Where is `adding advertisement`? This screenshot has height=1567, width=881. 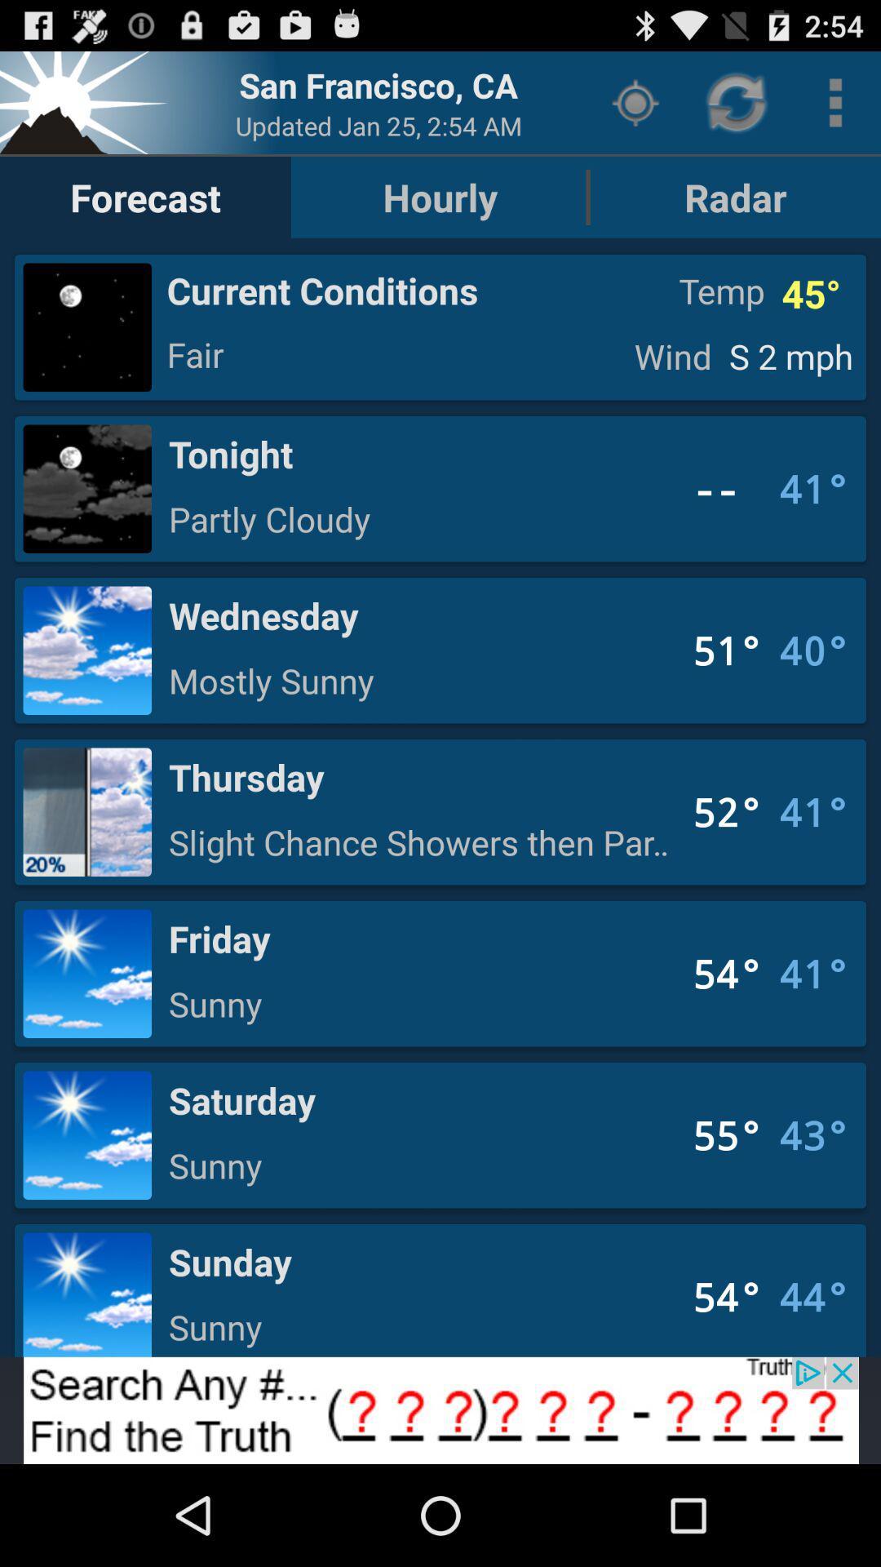
adding advertisement is located at coordinates (440, 1409).